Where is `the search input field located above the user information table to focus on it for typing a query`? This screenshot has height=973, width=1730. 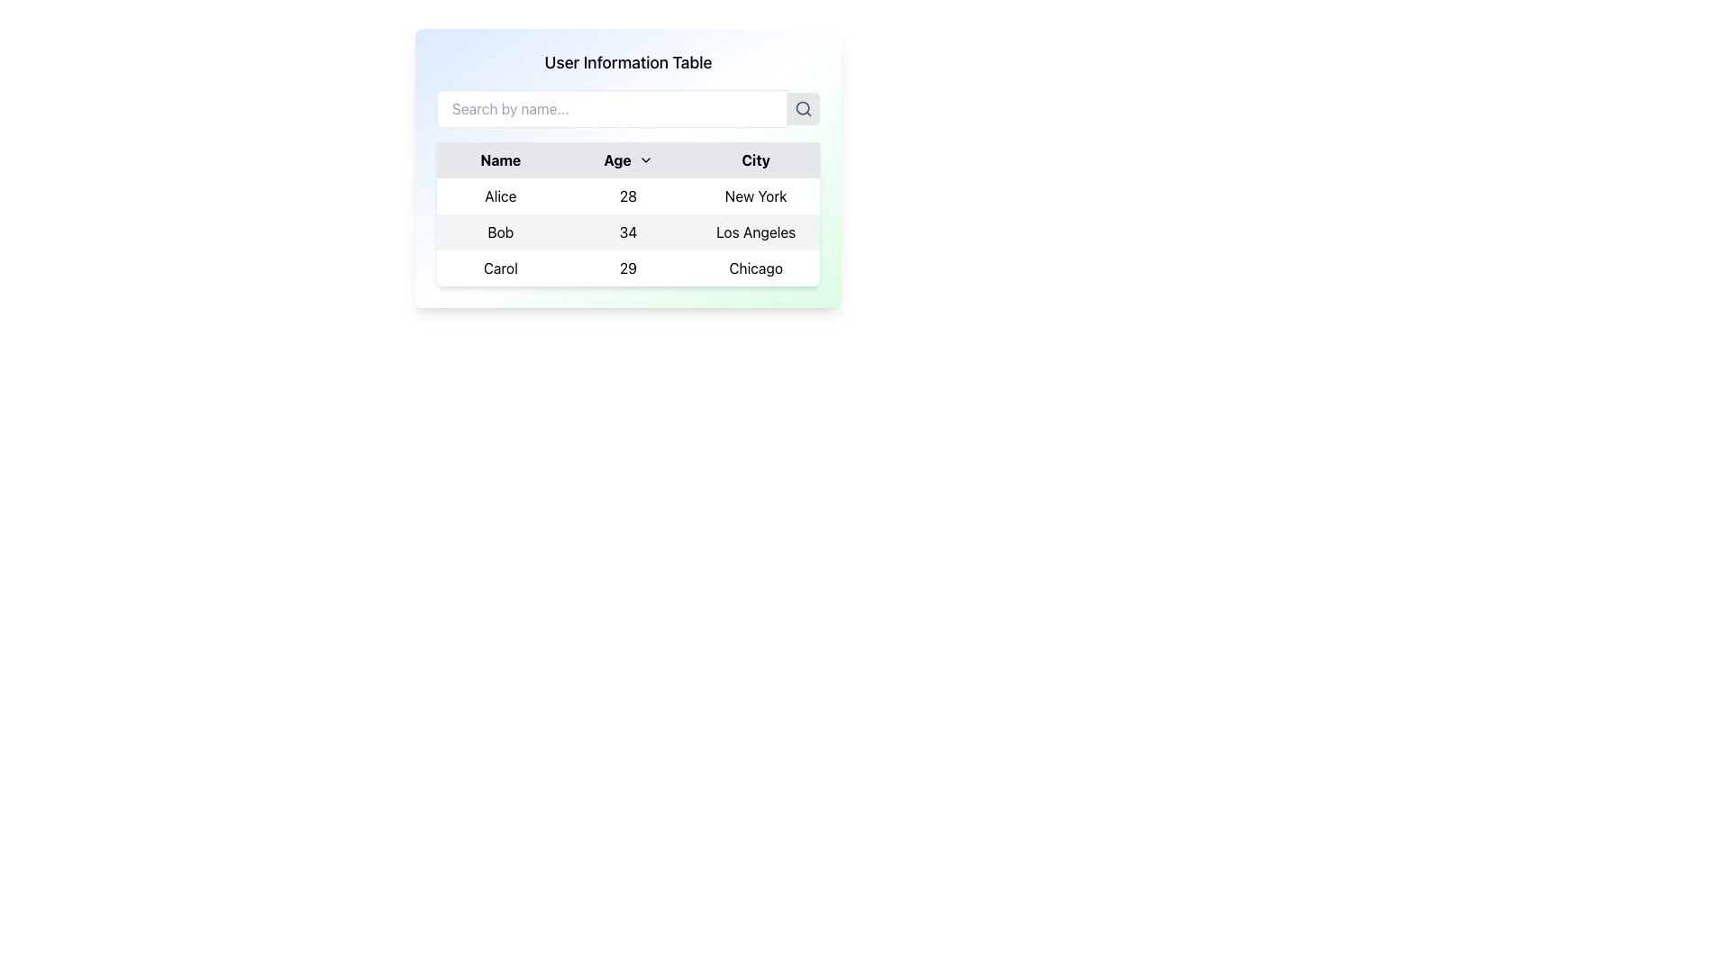 the search input field located above the user information table to focus on it for typing a query is located at coordinates (612, 108).